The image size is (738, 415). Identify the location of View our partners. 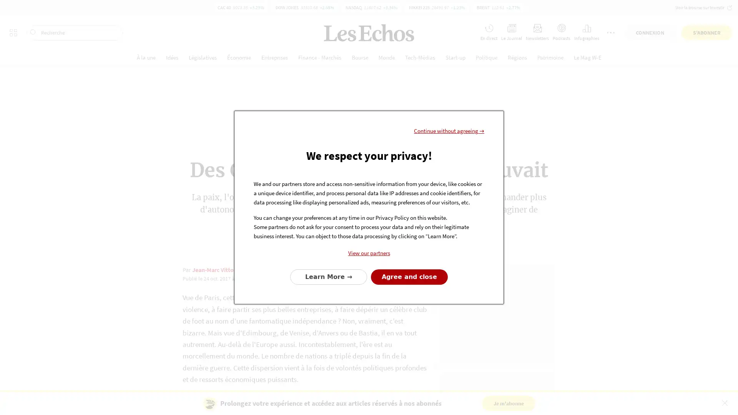
(369, 253).